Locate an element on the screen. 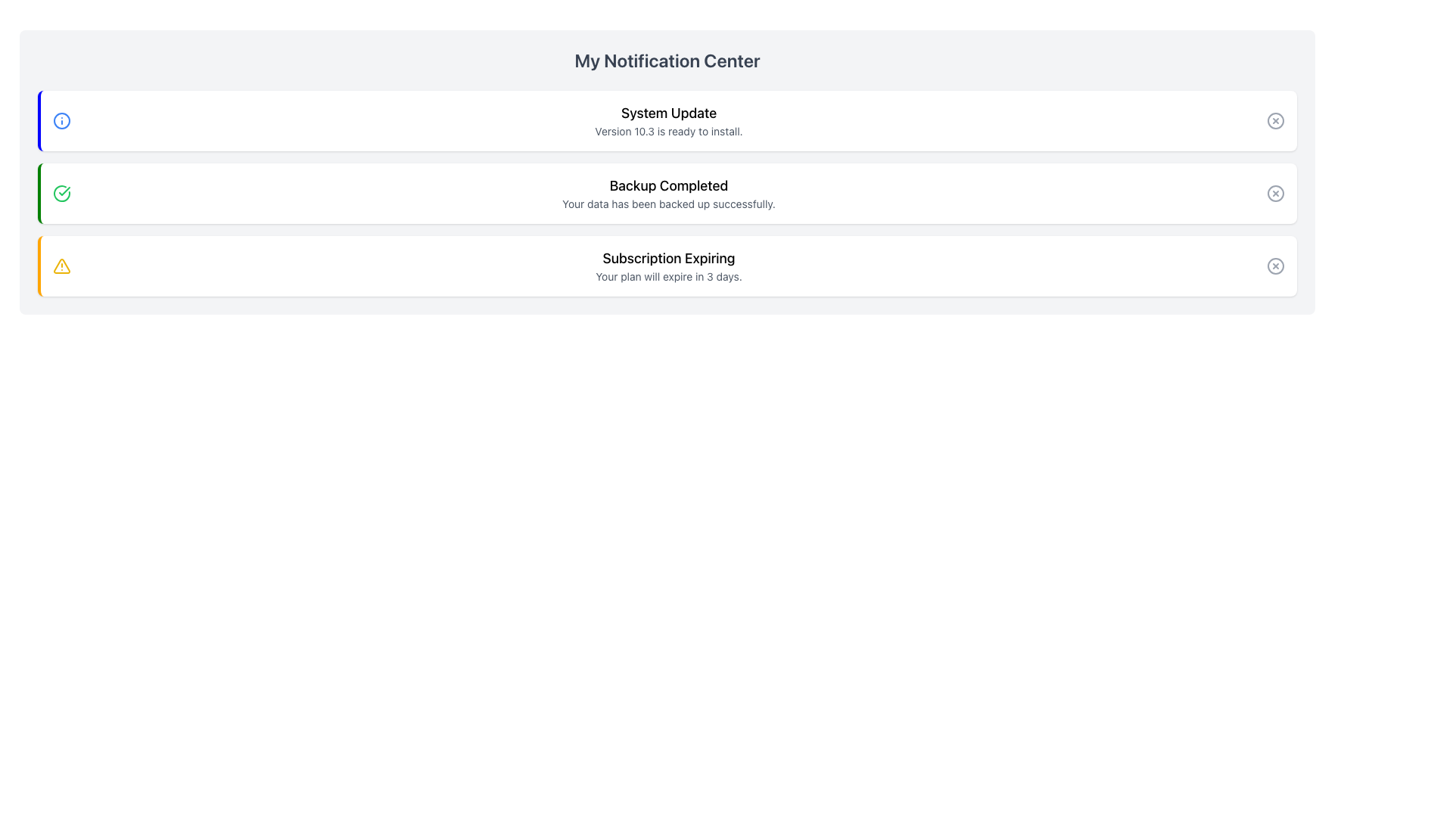  the text label notification titled 'System Update' which has a bold header and a subheading about version 10.3 being ready to install is located at coordinates (667, 120).